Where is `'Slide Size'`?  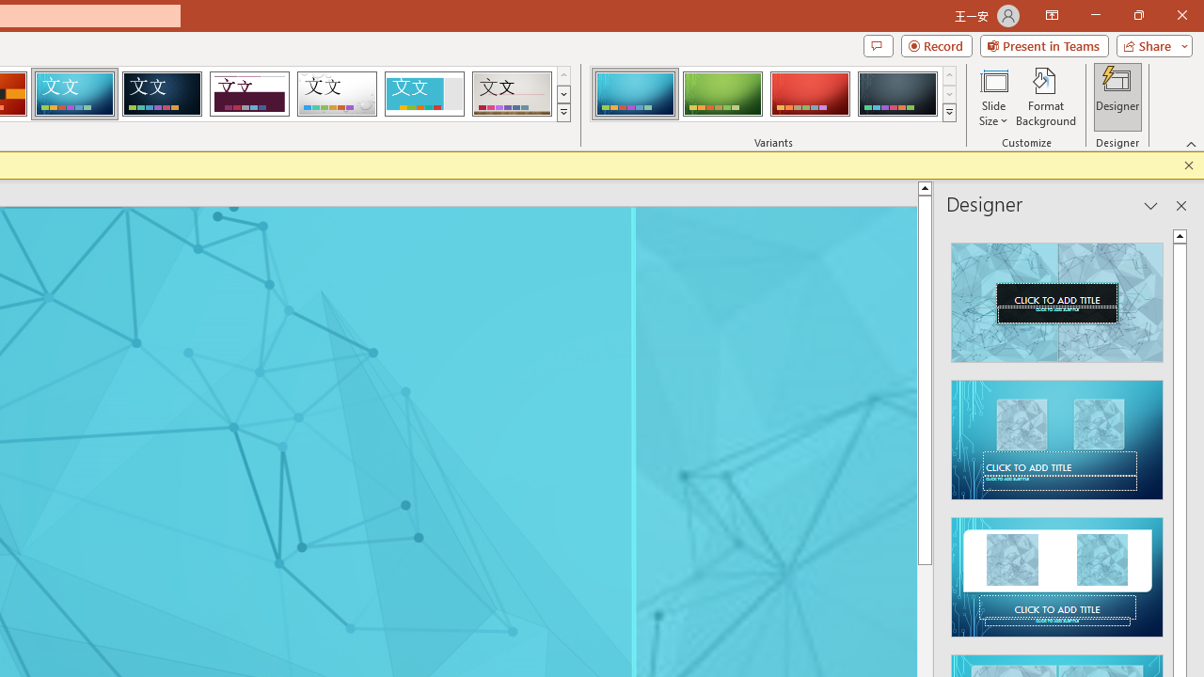
'Slide Size' is located at coordinates (992, 97).